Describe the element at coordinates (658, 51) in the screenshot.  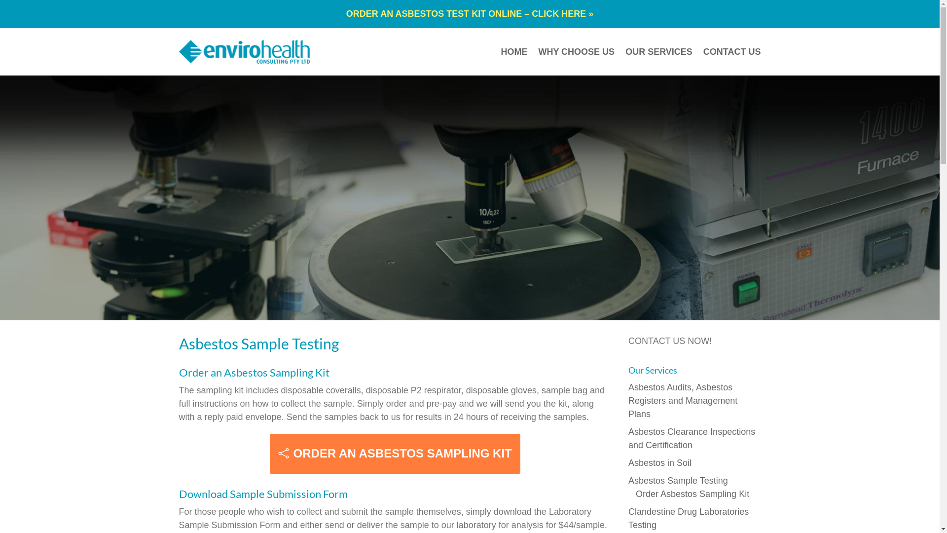
I see `'OUR SERVICES'` at that location.